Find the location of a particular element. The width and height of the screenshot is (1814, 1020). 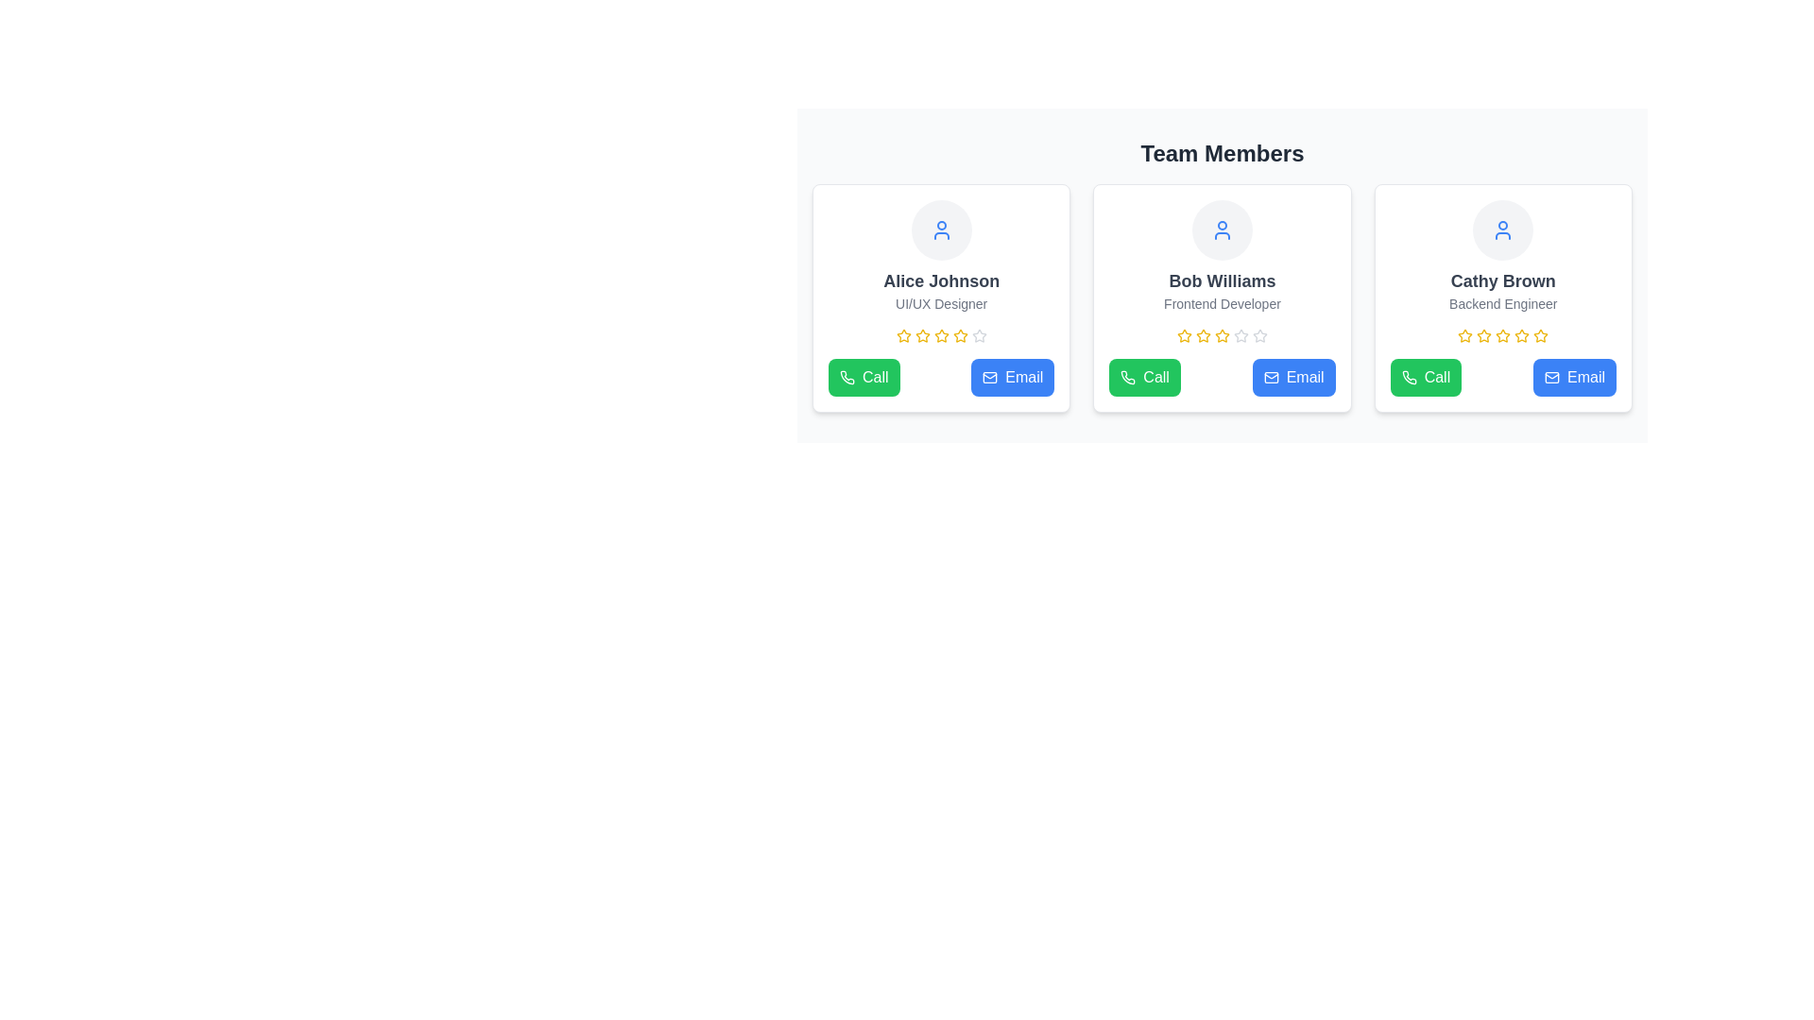

the text label 'Cathy Brown' which identifies the individual in the profile information, positioned below the circular avatar icon and above the label 'Backend Engineer' is located at coordinates (1502, 280).